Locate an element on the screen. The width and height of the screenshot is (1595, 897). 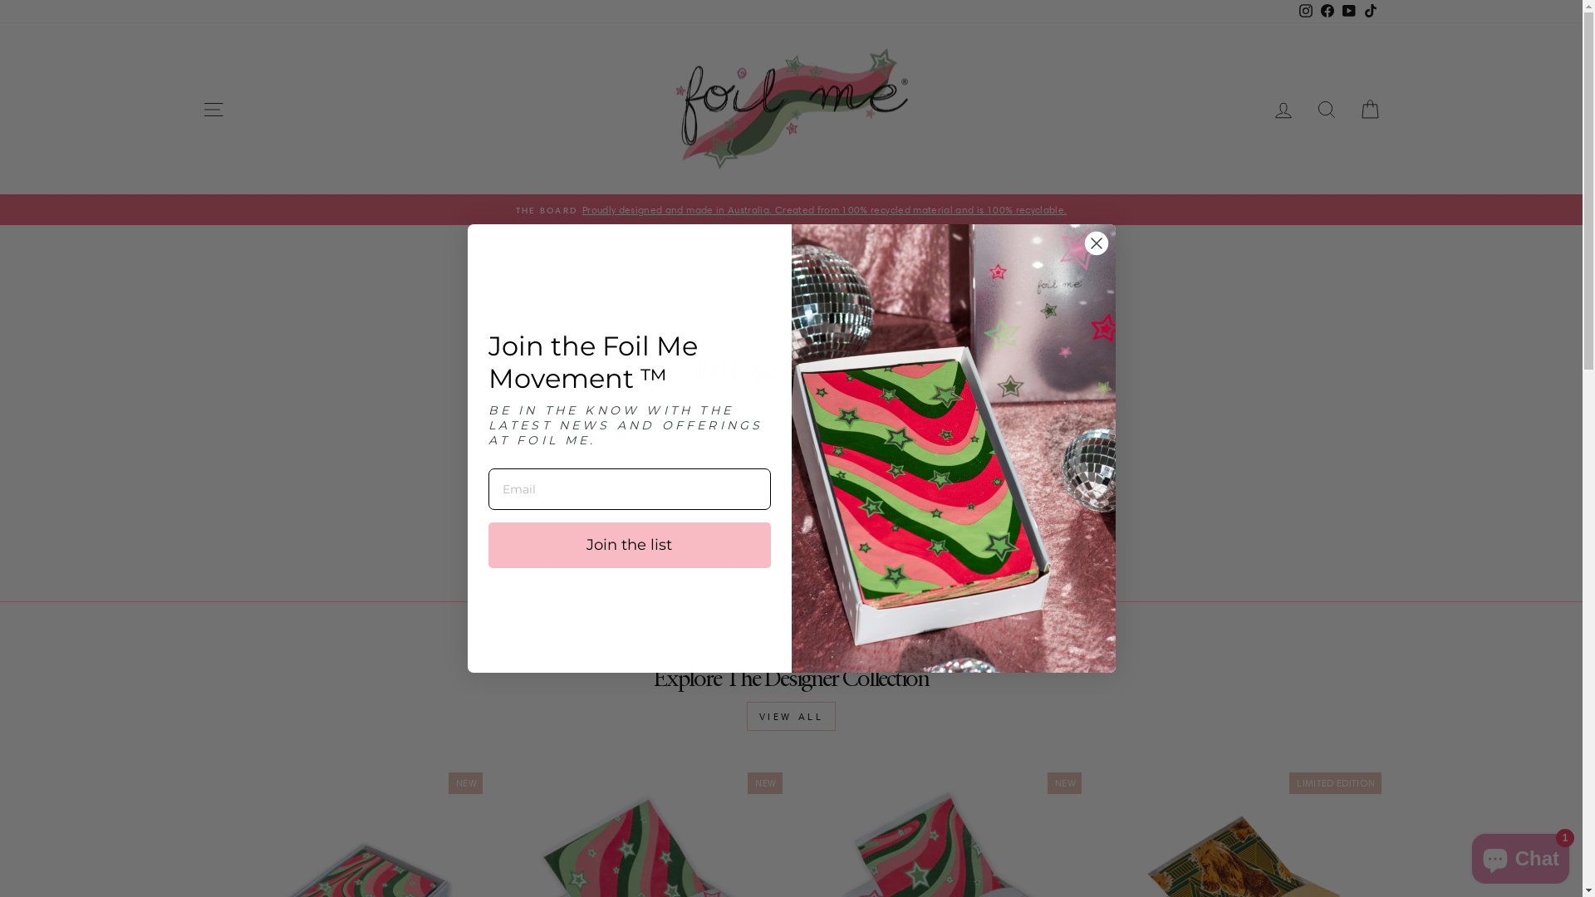
'SEARCH' is located at coordinates (1325, 109).